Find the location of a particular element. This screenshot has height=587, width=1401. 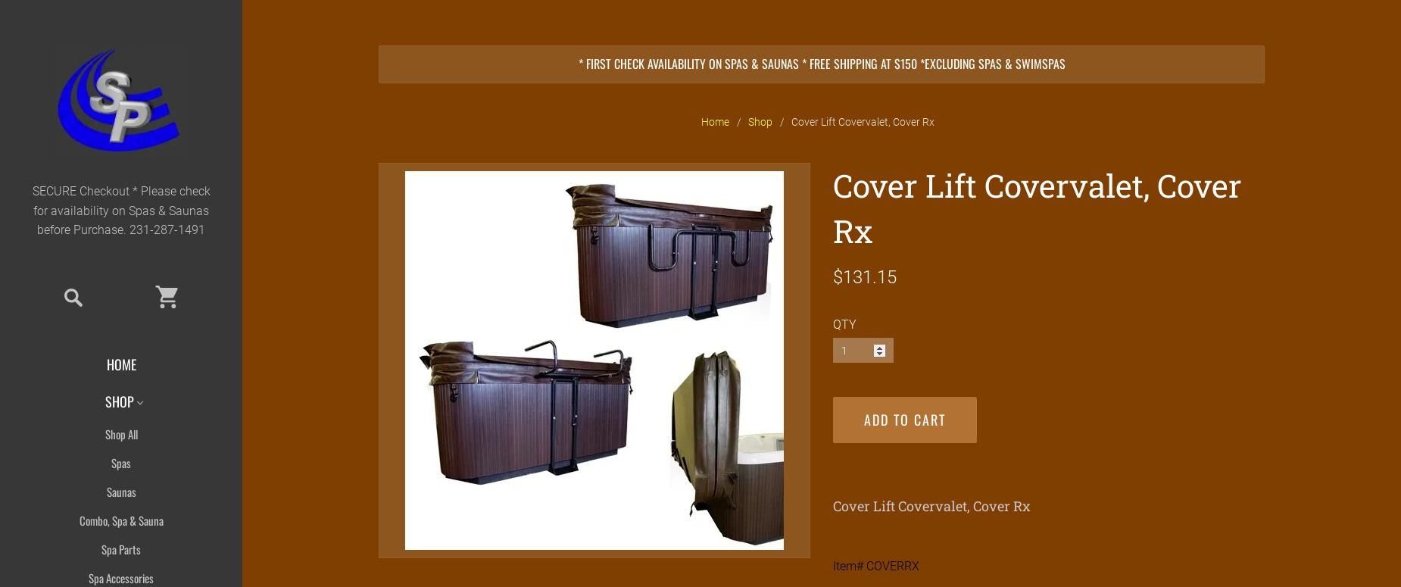

'Shop All' is located at coordinates (120, 433).